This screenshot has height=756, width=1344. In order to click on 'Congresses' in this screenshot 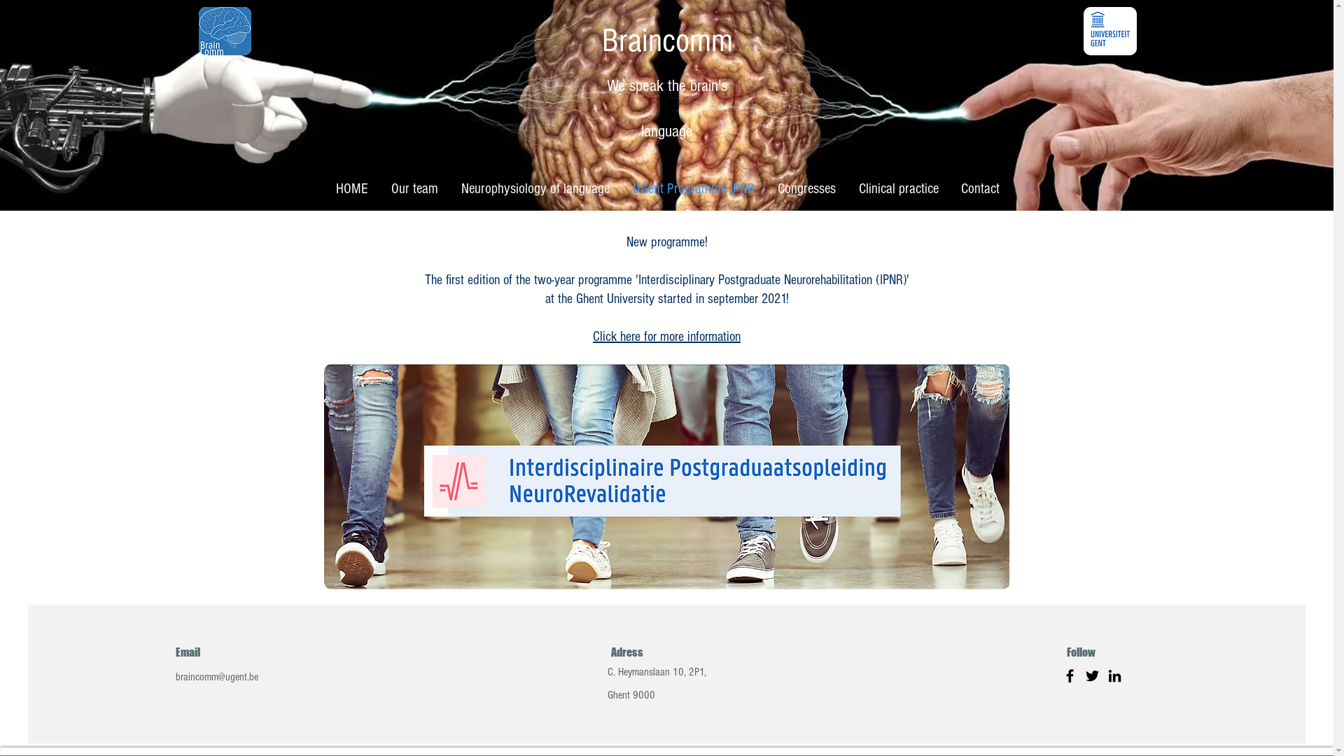, I will do `click(806, 189)`.